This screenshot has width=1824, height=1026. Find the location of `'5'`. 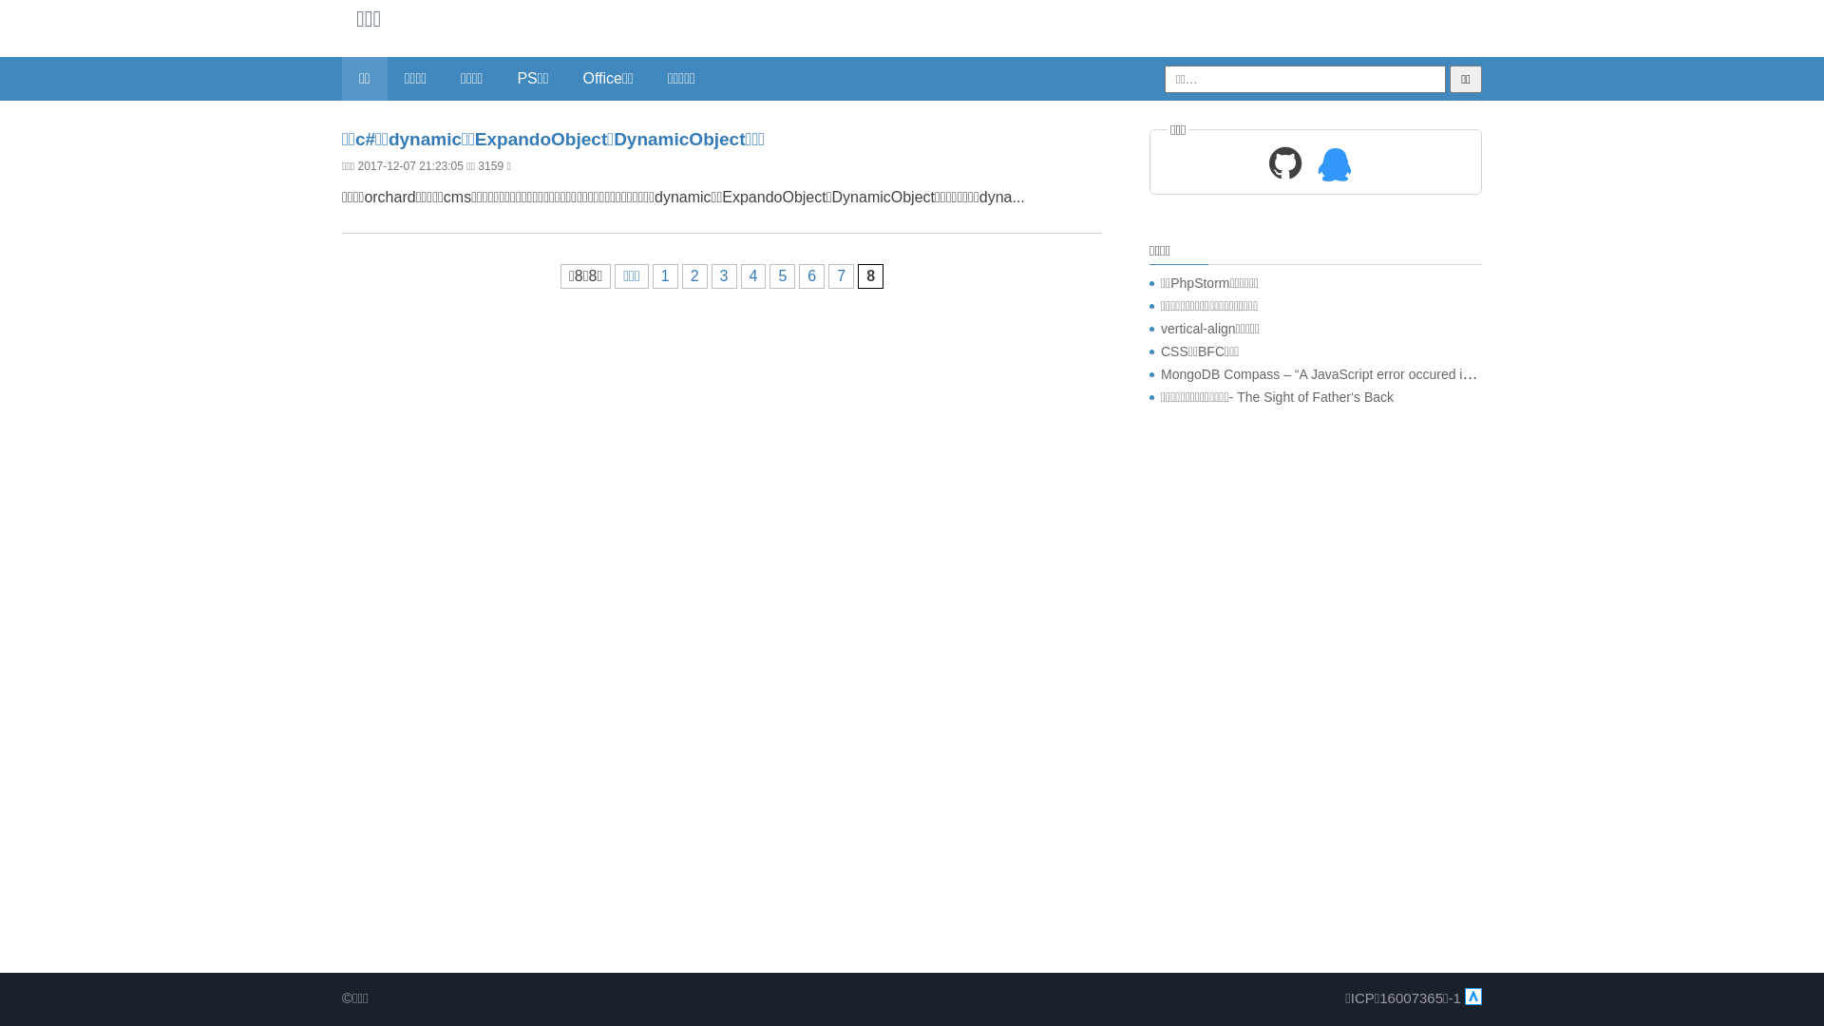

'5' is located at coordinates (782, 275).